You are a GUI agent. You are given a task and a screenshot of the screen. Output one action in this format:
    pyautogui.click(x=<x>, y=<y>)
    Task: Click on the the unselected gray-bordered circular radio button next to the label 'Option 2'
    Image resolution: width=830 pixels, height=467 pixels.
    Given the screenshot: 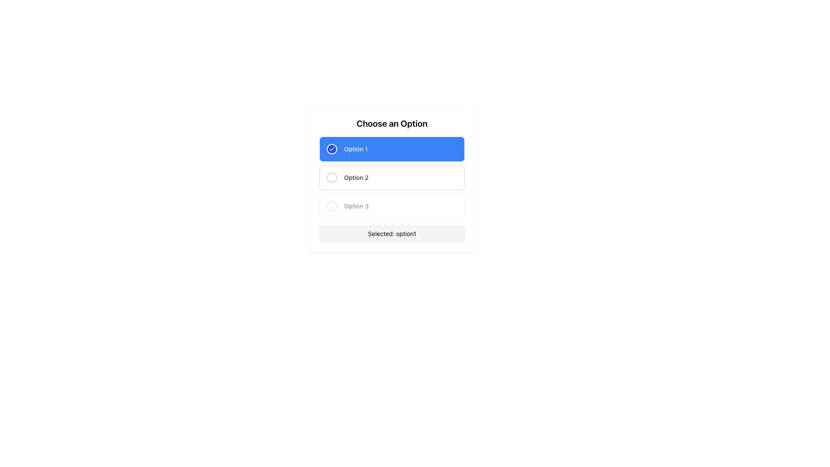 What is the action you would take?
    pyautogui.click(x=332, y=177)
    